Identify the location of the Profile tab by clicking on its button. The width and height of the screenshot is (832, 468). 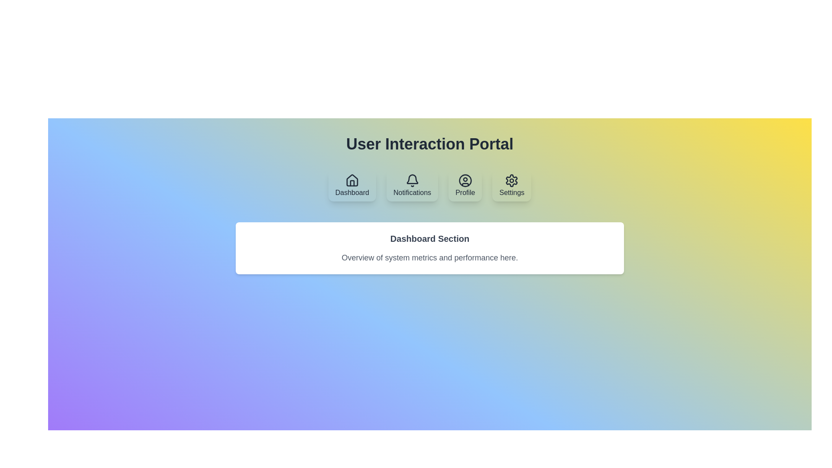
(465, 185).